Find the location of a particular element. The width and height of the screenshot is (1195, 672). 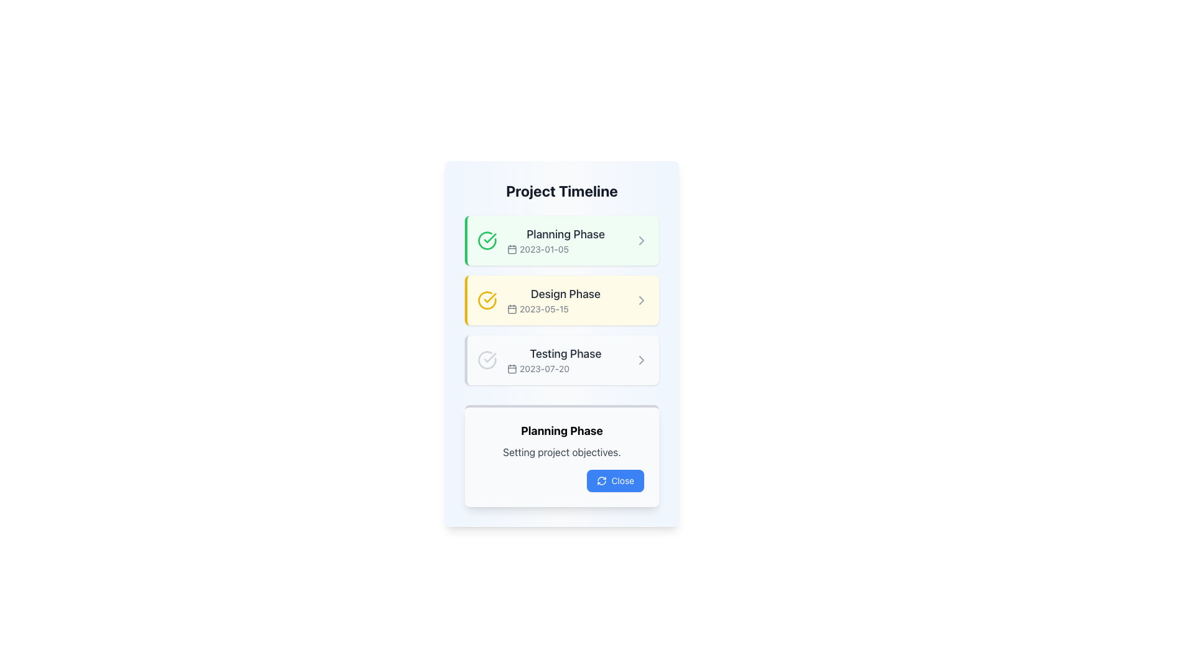

the text label that indicates the specific phase of the project timeline, located at the top of the vertically stacked list of items is located at coordinates (565, 235).